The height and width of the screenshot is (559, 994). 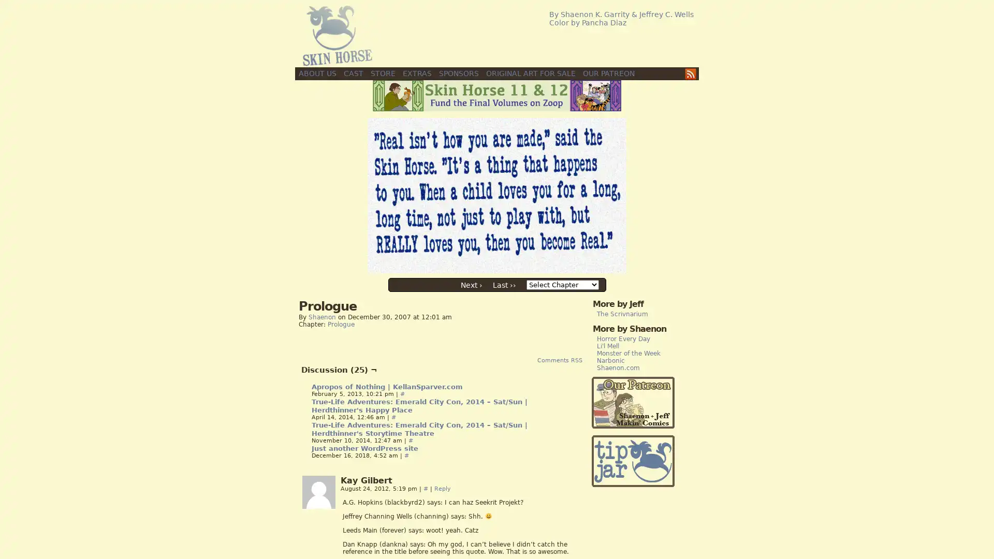 What do you see at coordinates (633, 461) in the screenshot?
I see `PayPal - The safer, easier way to pay online!` at bounding box center [633, 461].